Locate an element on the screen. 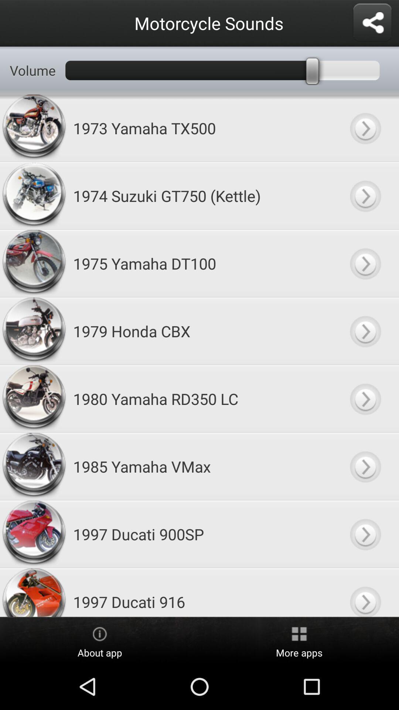 This screenshot has height=710, width=399. sound is located at coordinates (365, 466).